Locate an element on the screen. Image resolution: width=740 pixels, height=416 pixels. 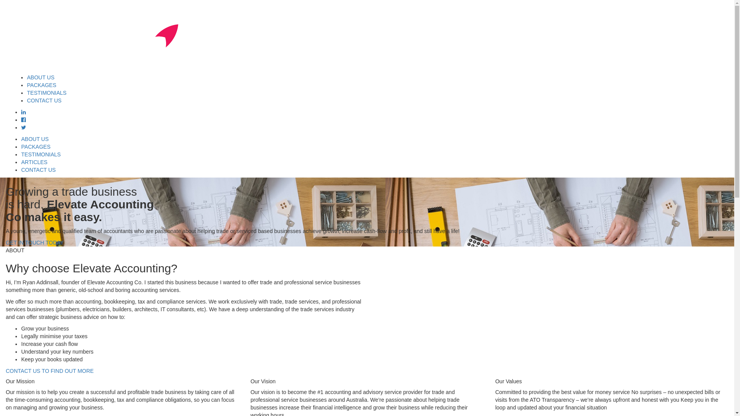
'ARTICLES' is located at coordinates (34, 161).